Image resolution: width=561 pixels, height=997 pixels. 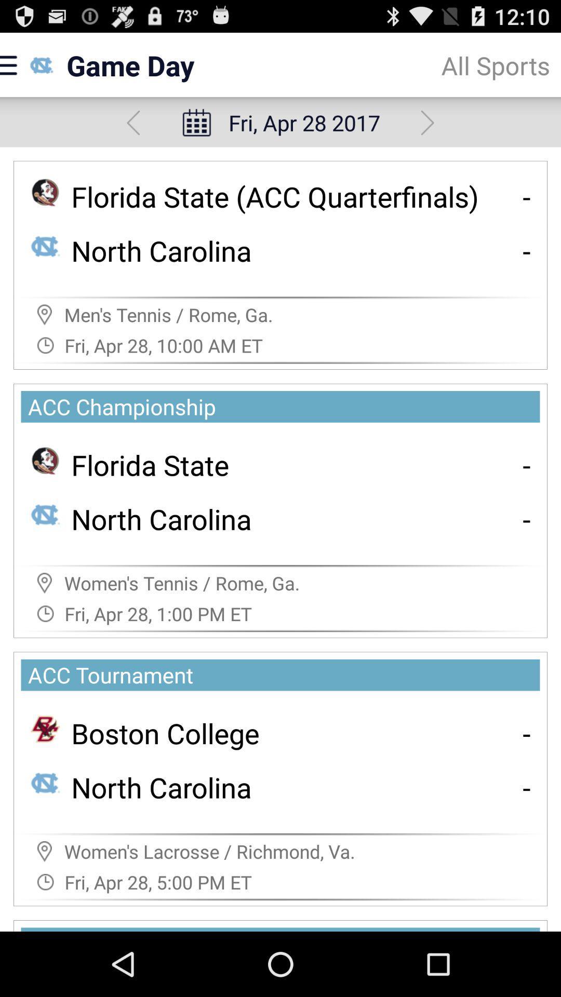 I want to click on the arrow_forward icon, so click(x=428, y=130).